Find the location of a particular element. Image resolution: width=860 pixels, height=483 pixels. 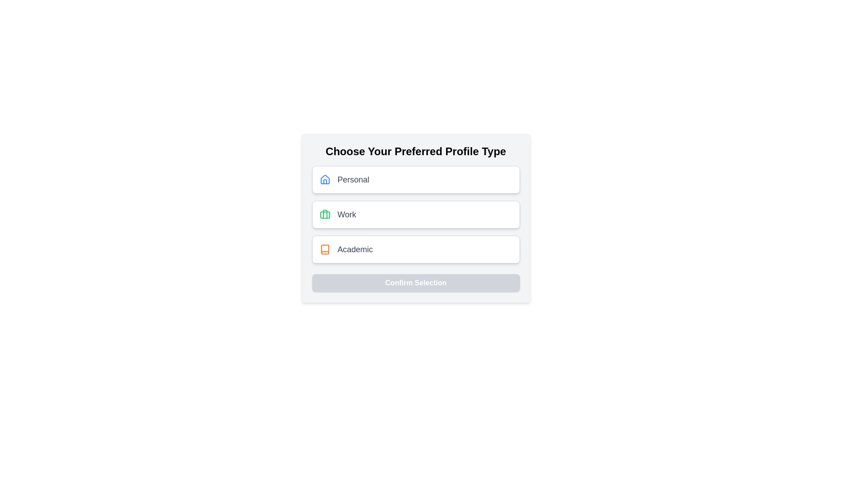

the decorative vector line within the green briefcase icon of the 'Work' option button, which is positioned at the center of the interface is located at coordinates (324, 214).